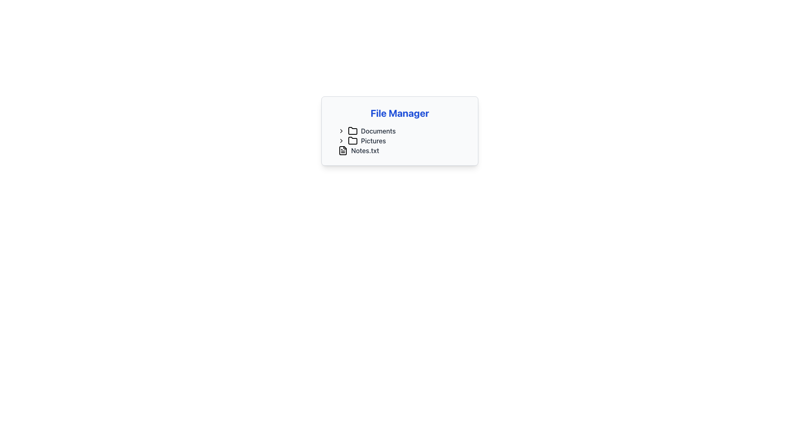  Describe the element at coordinates (343, 151) in the screenshot. I see `the document file icon associated with the 'Notes.txt' entry` at that location.